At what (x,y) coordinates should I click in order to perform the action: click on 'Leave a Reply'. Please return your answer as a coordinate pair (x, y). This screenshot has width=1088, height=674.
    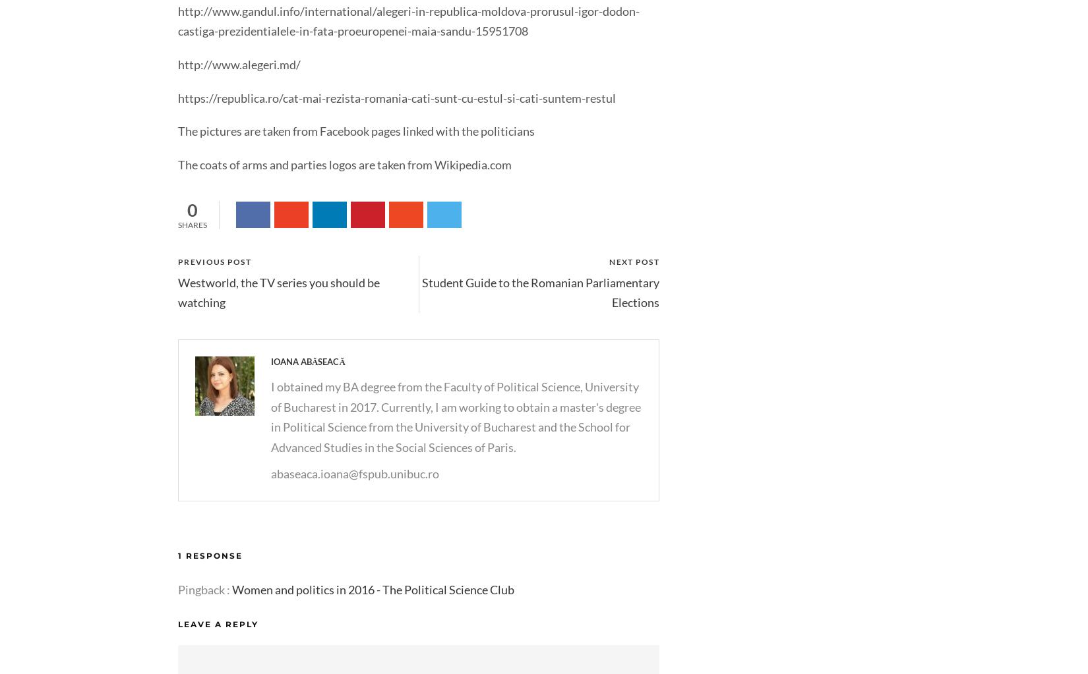
    Looking at the image, I should click on (177, 624).